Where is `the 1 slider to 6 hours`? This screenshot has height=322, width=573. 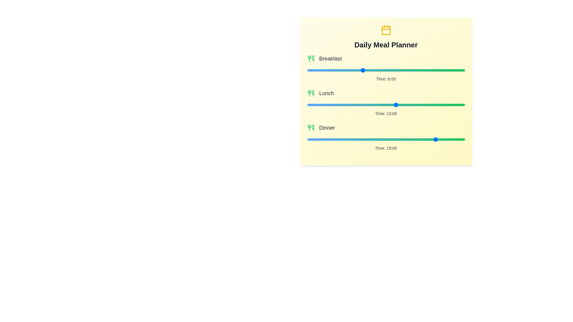 the 1 slider to 6 hours is located at coordinates (427, 104).